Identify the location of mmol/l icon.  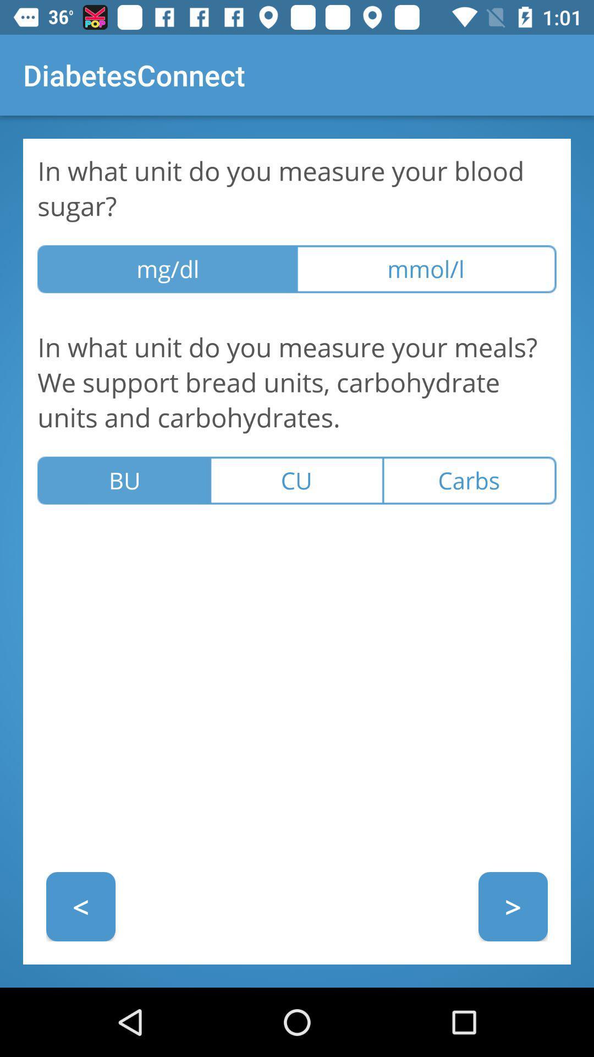
(426, 269).